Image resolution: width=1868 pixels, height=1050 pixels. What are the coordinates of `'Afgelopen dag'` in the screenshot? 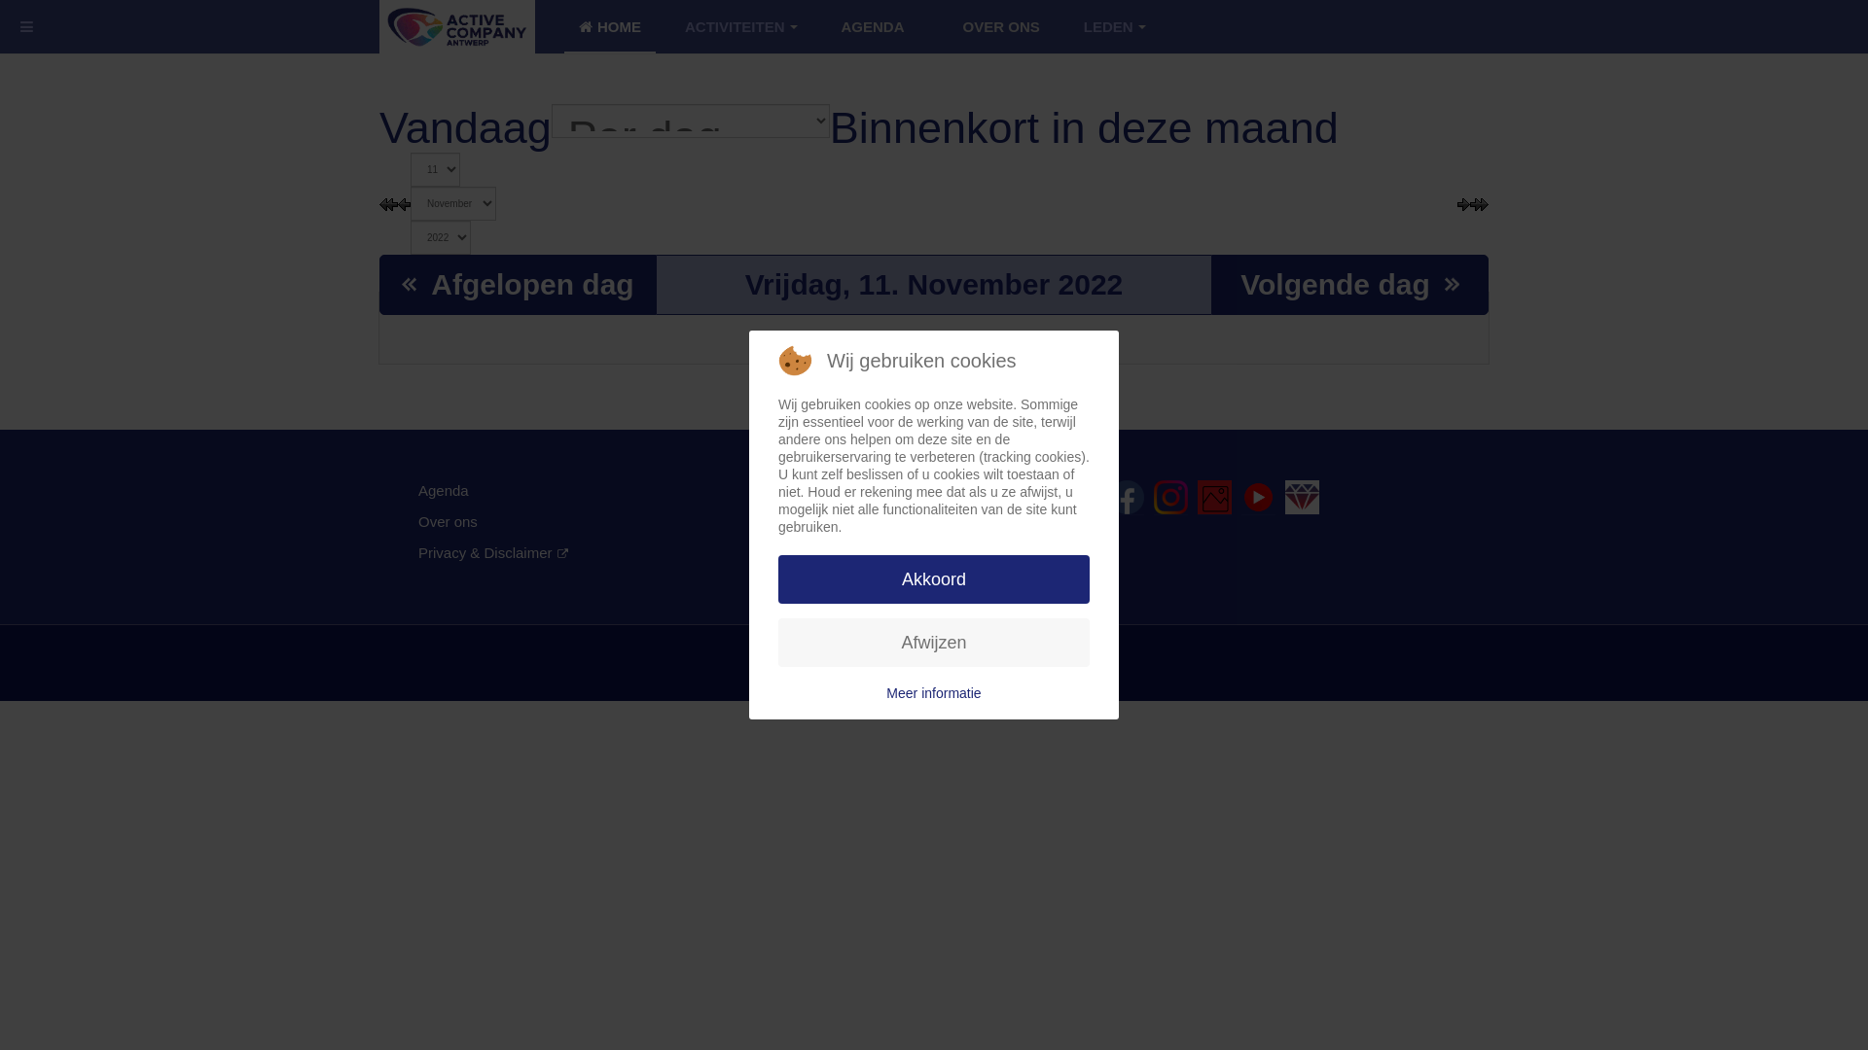 It's located at (518, 284).